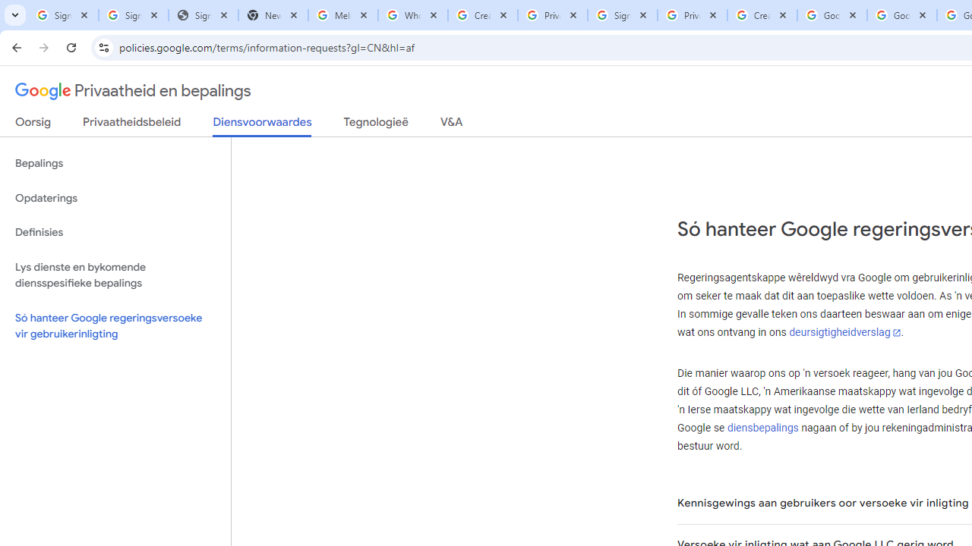 This screenshot has height=546, width=972. What do you see at coordinates (33, 124) in the screenshot?
I see `'Oorsig'` at bounding box center [33, 124].